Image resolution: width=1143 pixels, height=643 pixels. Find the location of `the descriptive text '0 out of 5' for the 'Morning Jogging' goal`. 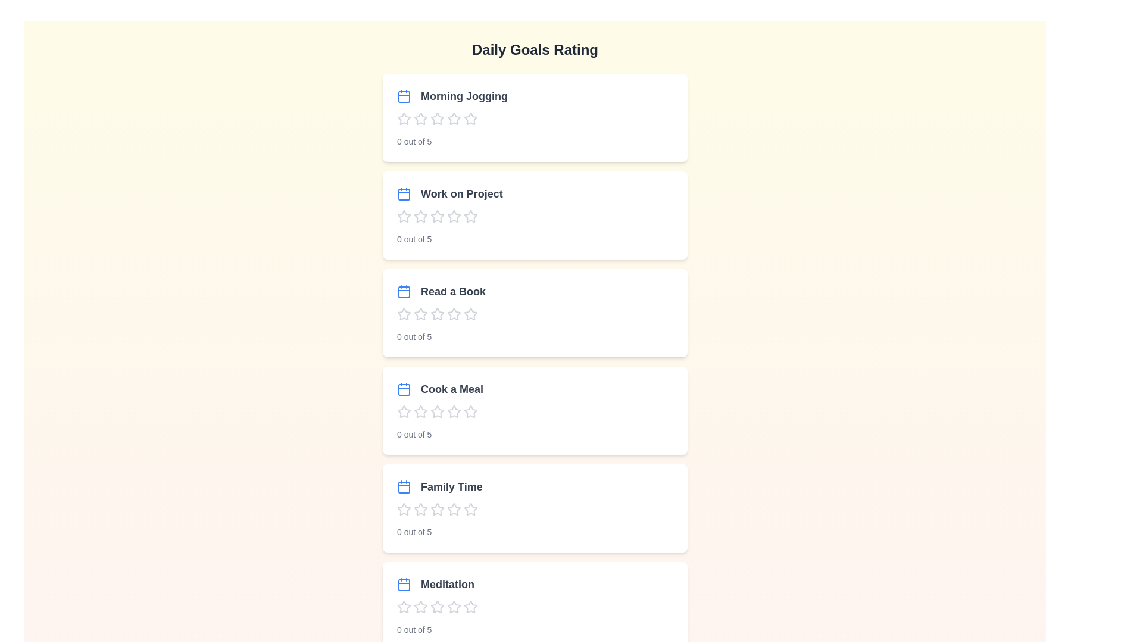

the descriptive text '0 out of 5' for the 'Morning Jogging' goal is located at coordinates (414, 141).